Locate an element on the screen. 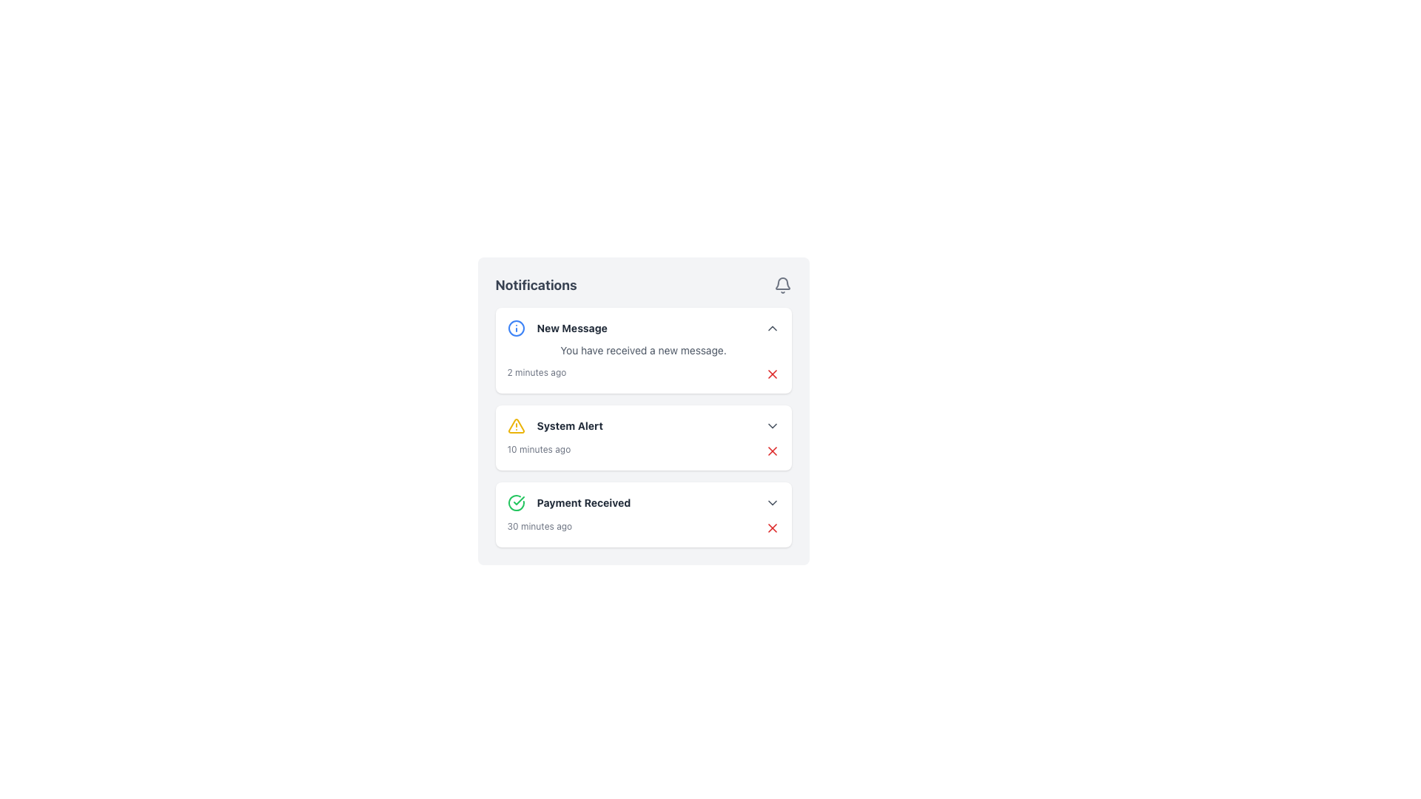  the stylized bell icon located near the upper-right corner of the user interface is located at coordinates (782, 283).